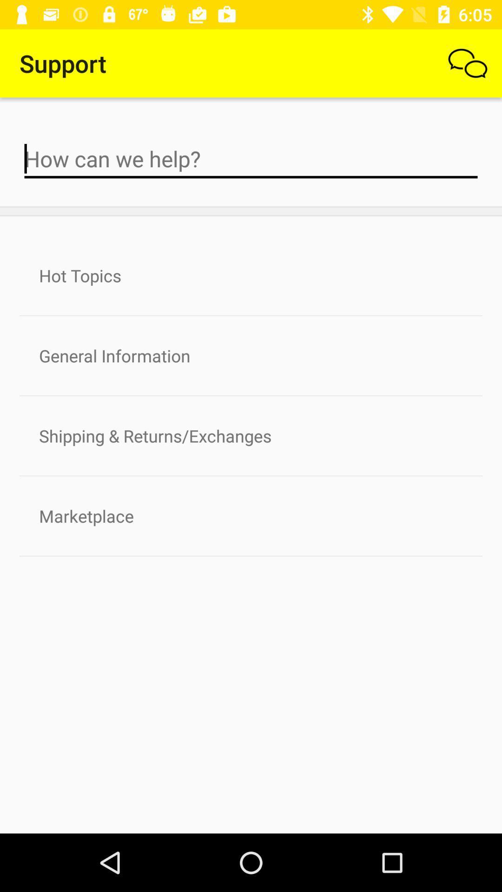 The width and height of the screenshot is (502, 892). Describe the element at coordinates (468, 63) in the screenshot. I see `icon at the top right corner` at that location.